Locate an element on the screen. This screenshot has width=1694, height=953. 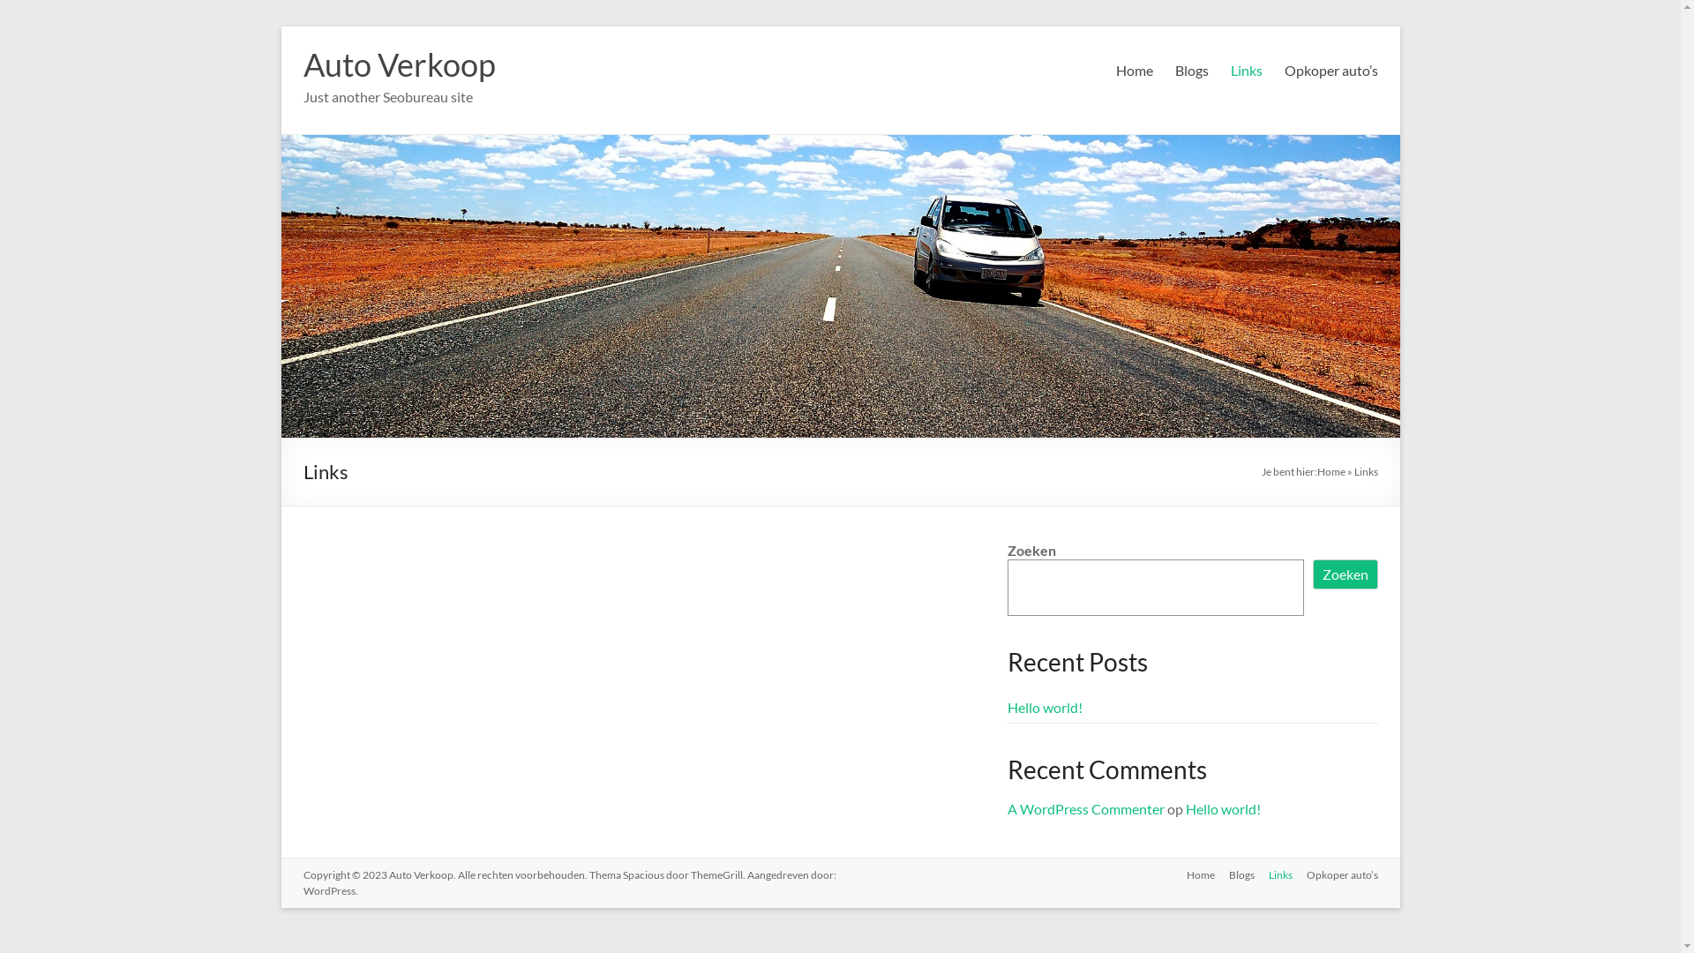
'Zoeken' is located at coordinates (1345, 574).